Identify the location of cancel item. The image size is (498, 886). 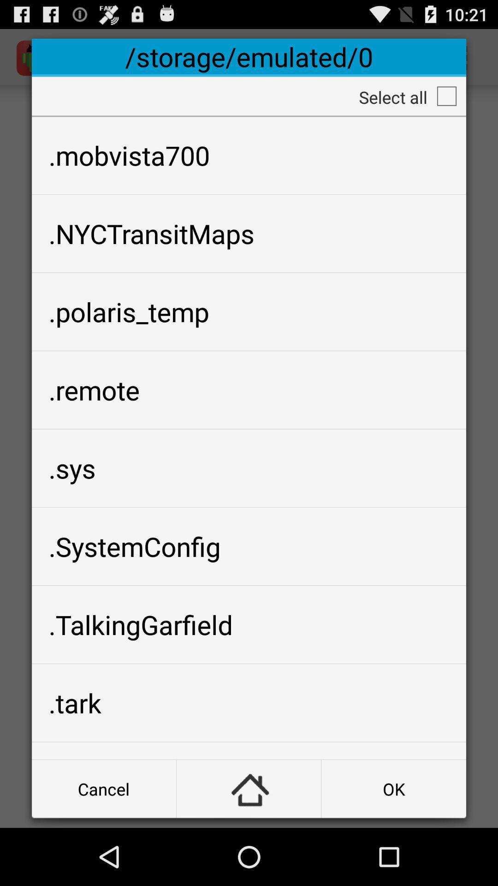
(104, 788).